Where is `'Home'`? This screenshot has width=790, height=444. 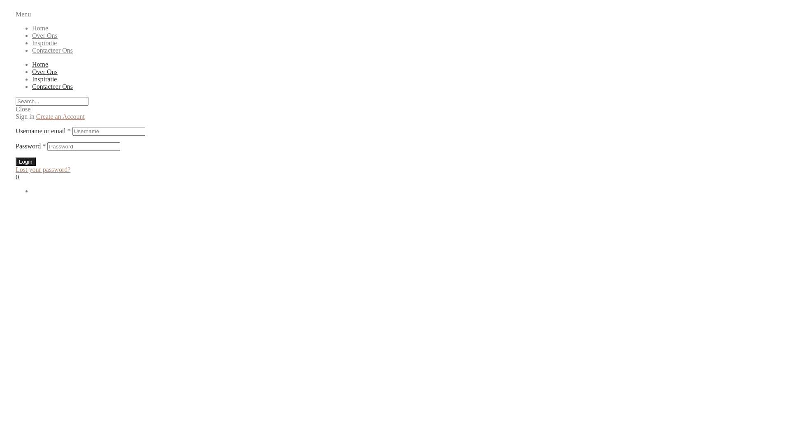
'Home' is located at coordinates (39, 28).